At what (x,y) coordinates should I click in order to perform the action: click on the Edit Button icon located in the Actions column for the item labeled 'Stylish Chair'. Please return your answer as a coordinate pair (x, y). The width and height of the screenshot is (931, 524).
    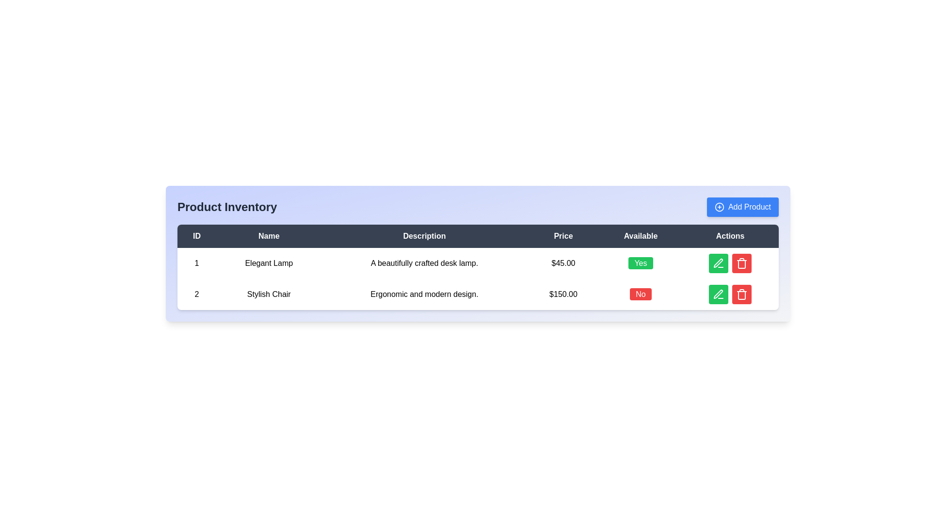
    Looking at the image, I should click on (718, 294).